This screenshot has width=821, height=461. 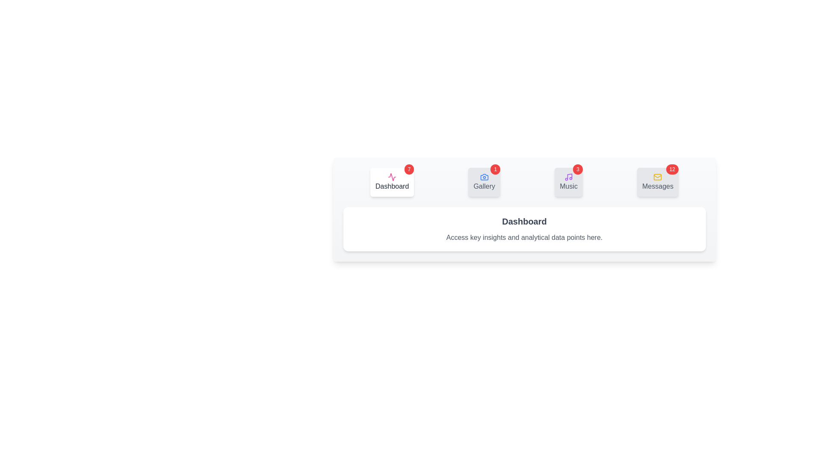 What do you see at coordinates (657, 182) in the screenshot?
I see `the tab labeled Messages to view its content` at bounding box center [657, 182].